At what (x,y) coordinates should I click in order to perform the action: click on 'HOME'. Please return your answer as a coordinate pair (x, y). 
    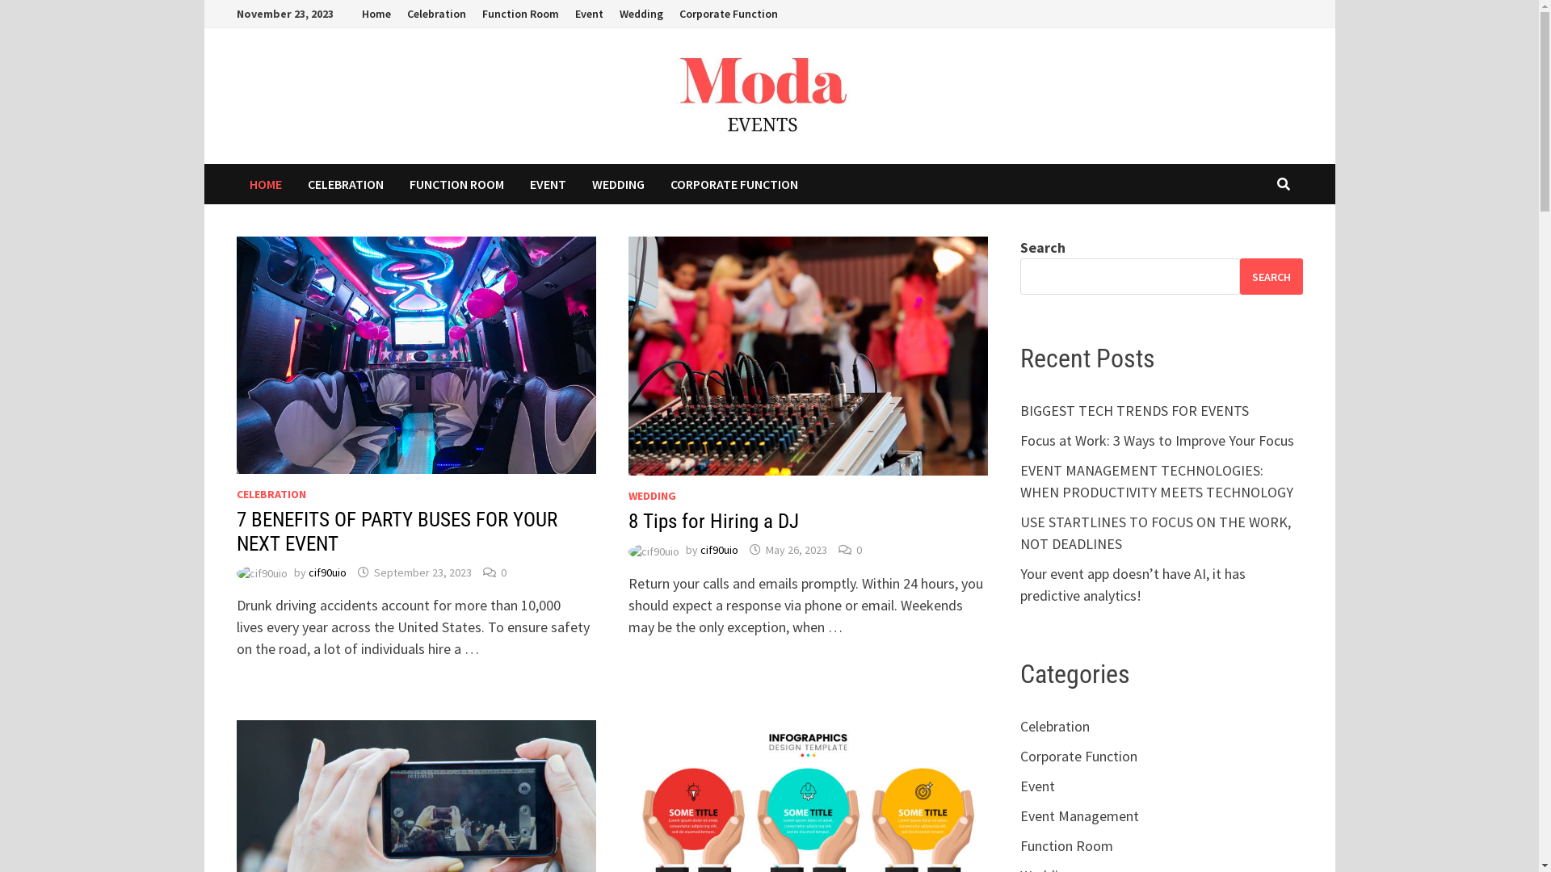
    Looking at the image, I should click on (235, 182).